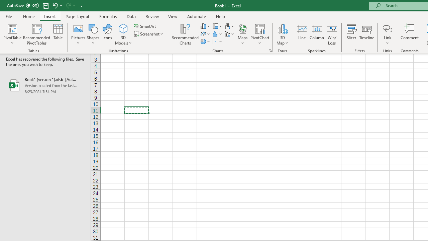 This screenshot has height=241, width=428. What do you see at coordinates (152, 16) in the screenshot?
I see `'Review'` at bounding box center [152, 16].